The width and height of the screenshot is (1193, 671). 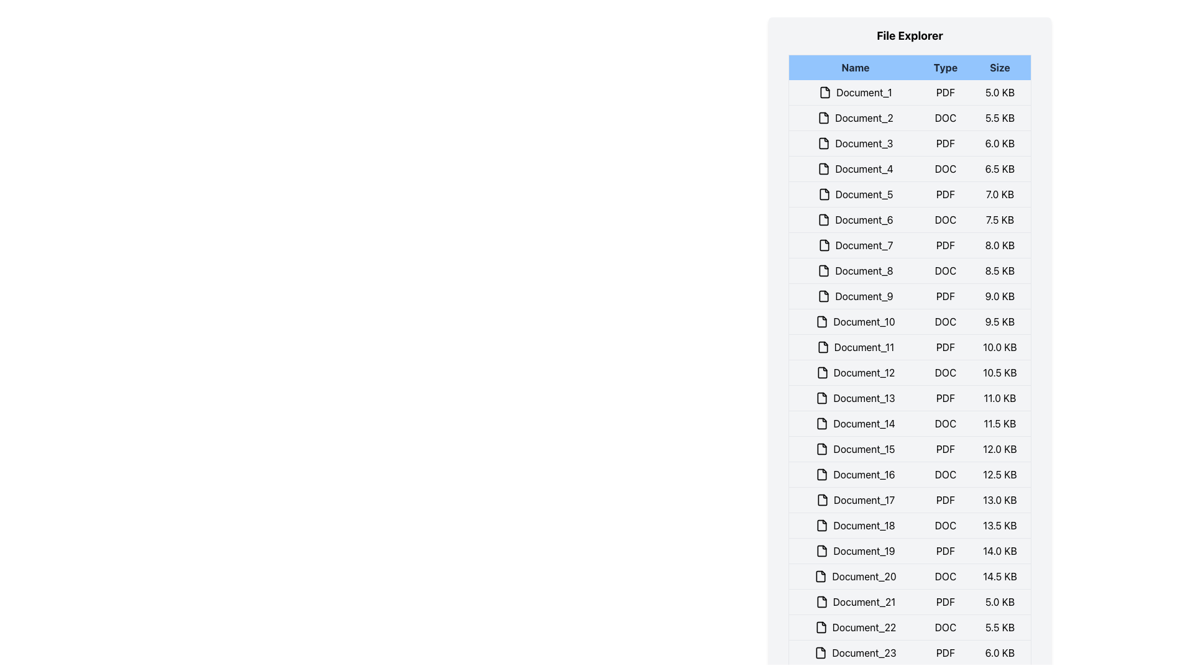 What do you see at coordinates (910, 601) in the screenshot?
I see `the file row displaying 'Document_21' in the file explorer` at bounding box center [910, 601].